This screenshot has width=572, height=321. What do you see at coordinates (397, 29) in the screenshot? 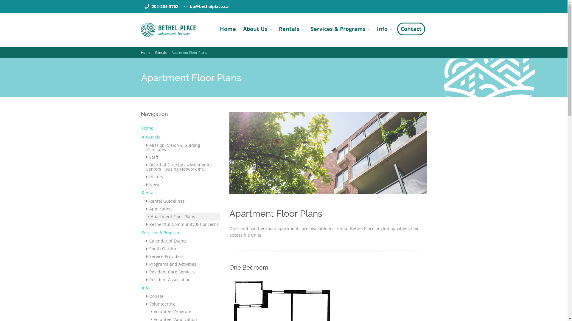
I see `'Contact'` at bounding box center [397, 29].